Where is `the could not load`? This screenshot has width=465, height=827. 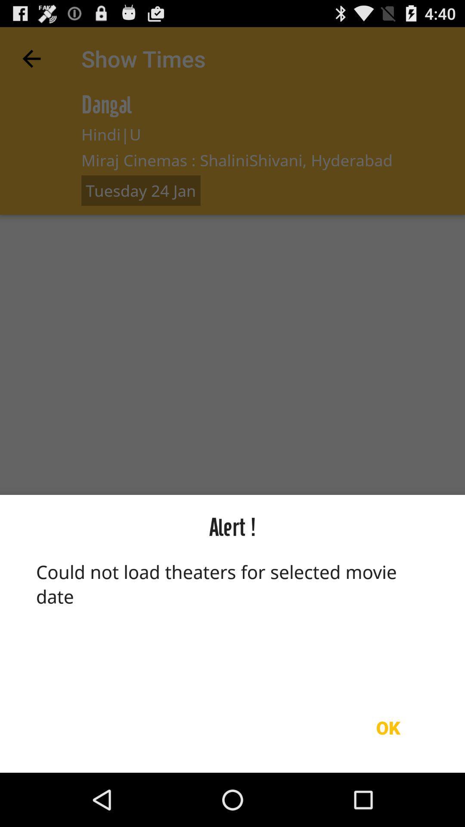 the could not load is located at coordinates (232, 621).